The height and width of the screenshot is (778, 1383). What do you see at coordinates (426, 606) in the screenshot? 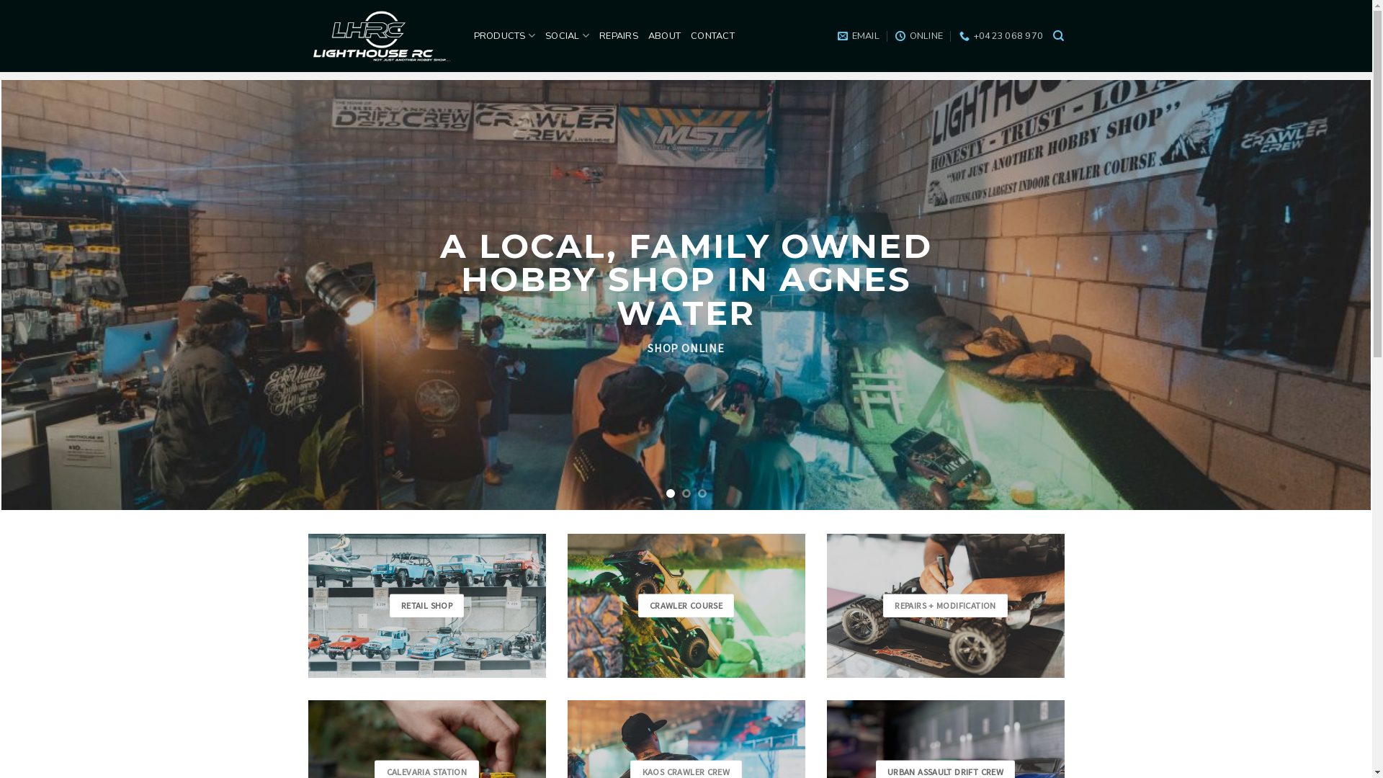
I see `'RETAIL SHOP'` at bounding box center [426, 606].